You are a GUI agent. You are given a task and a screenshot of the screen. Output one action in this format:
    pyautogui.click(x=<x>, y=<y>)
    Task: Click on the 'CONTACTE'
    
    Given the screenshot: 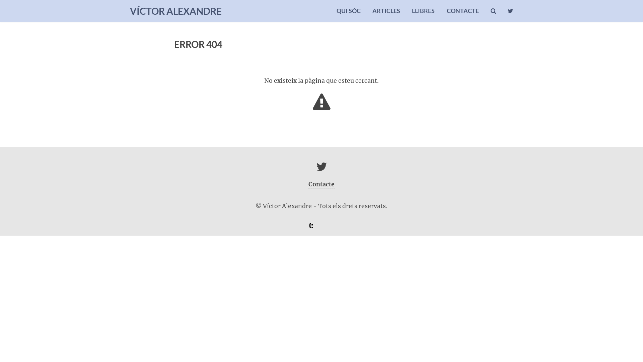 What is the action you would take?
    pyautogui.click(x=462, y=11)
    